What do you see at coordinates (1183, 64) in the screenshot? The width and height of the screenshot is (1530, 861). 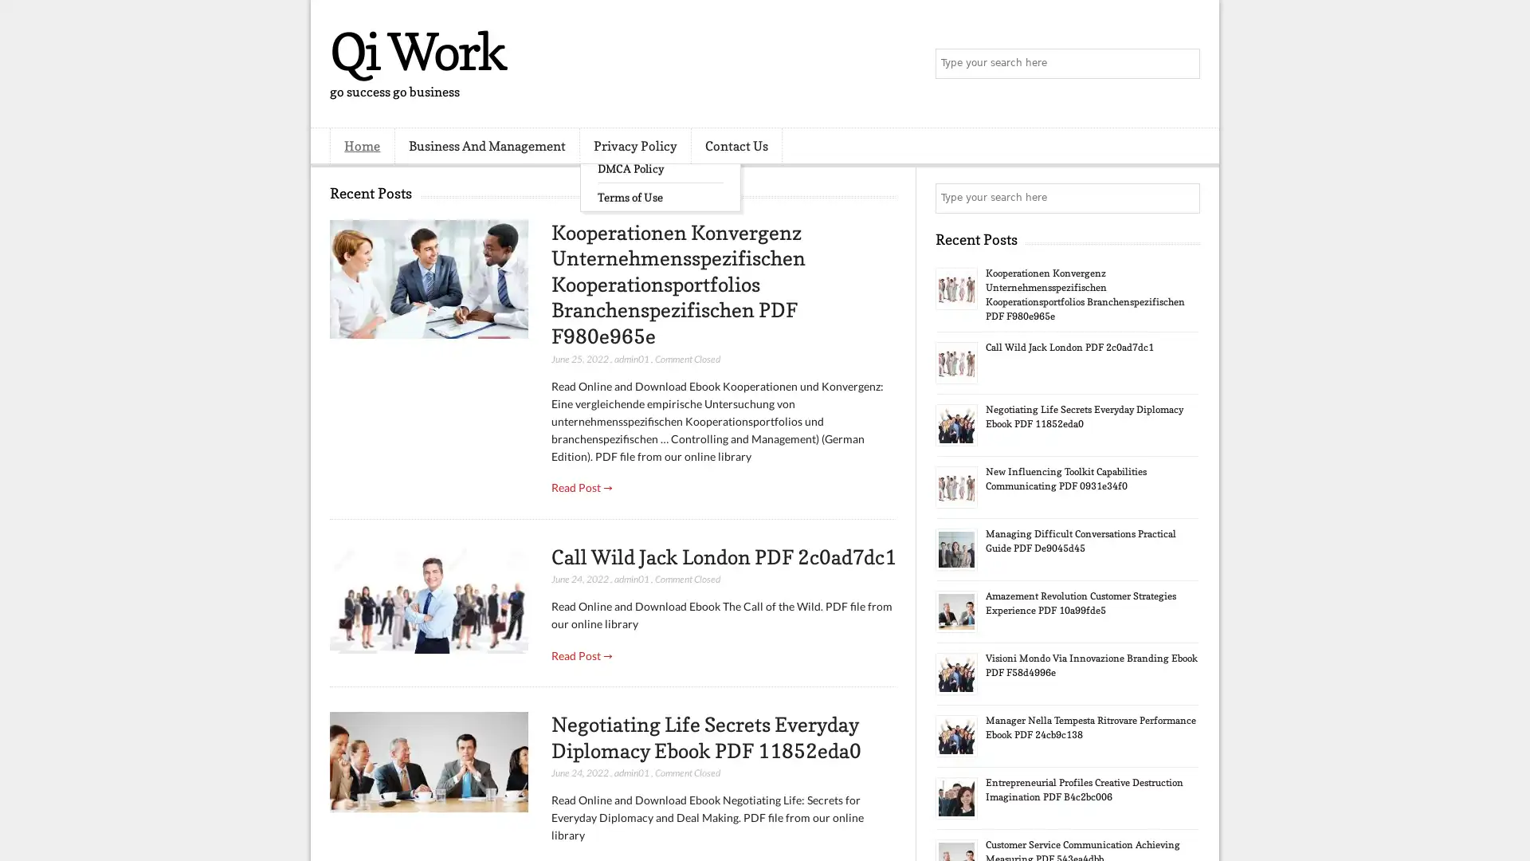 I see `Search` at bounding box center [1183, 64].